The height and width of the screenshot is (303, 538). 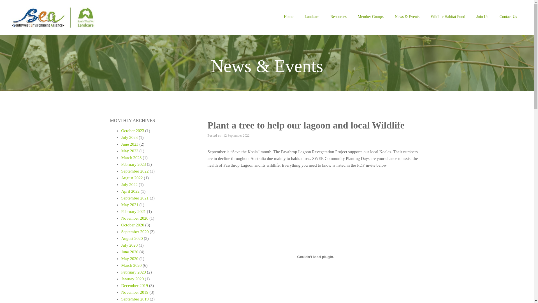 What do you see at coordinates (129, 205) in the screenshot?
I see `'May 2021'` at bounding box center [129, 205].